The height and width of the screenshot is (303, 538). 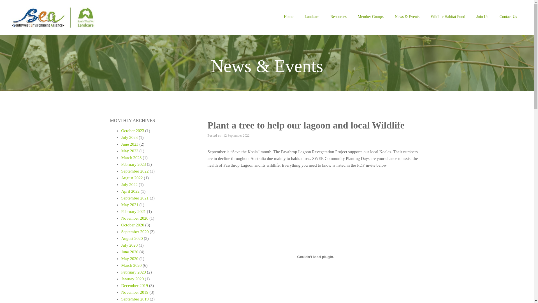 What do you see at coordinates (129, 205) in the screenshot?
I see `'May 2021'` at bounding box center [129, 205].